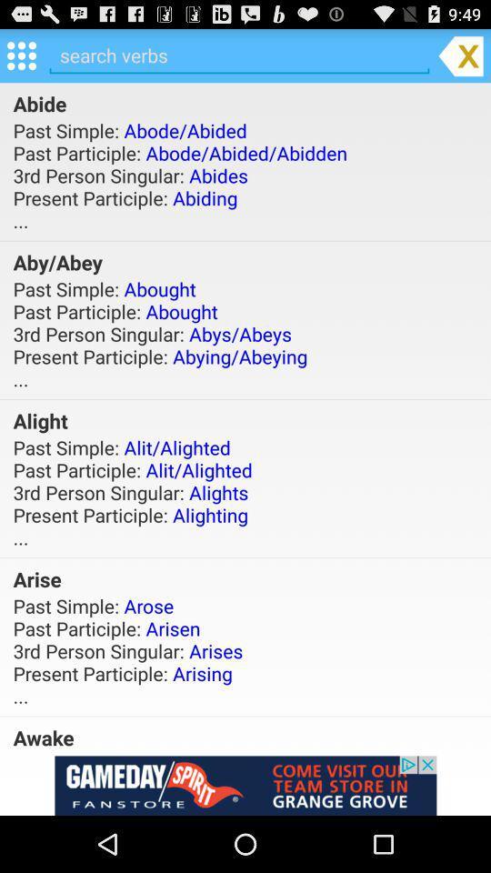  What do you see at coordinates (20, 54) in the screenshot?
I see `open menu` at bounding box center [20, 54].